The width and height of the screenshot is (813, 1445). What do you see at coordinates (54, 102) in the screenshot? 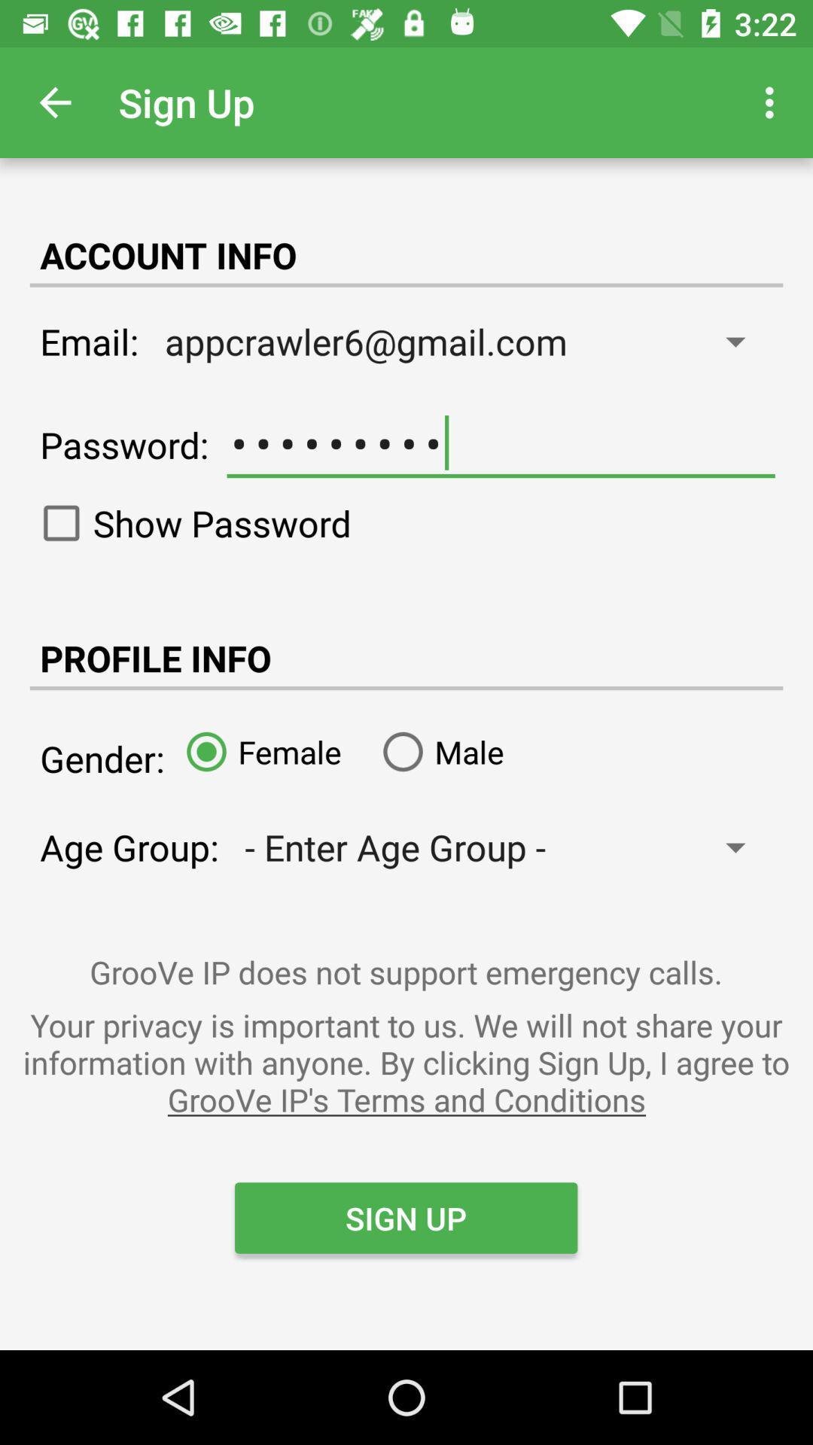
I see `app to the left of sign up icon` at bounding box center [54, 102].